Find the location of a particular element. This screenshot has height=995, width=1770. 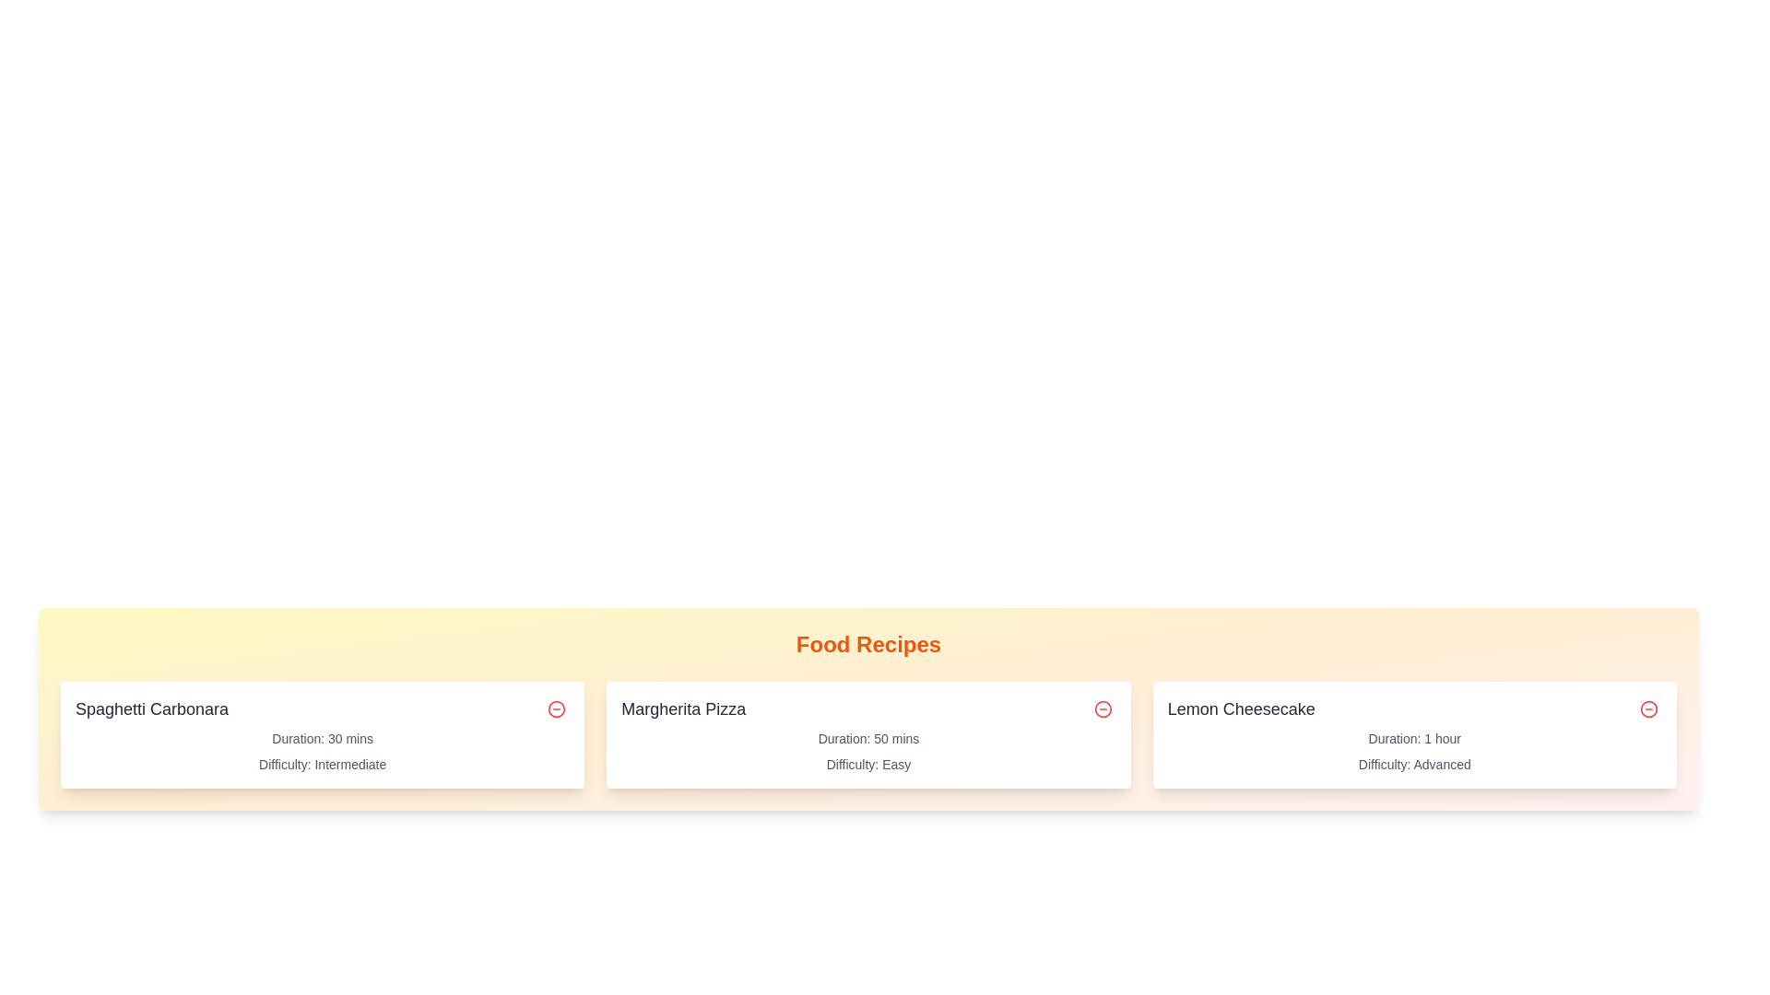

the interactive button located in the top-right corner of the card containing the text 'Lemon Cheesecake' is located at coordinates (1649, 708).